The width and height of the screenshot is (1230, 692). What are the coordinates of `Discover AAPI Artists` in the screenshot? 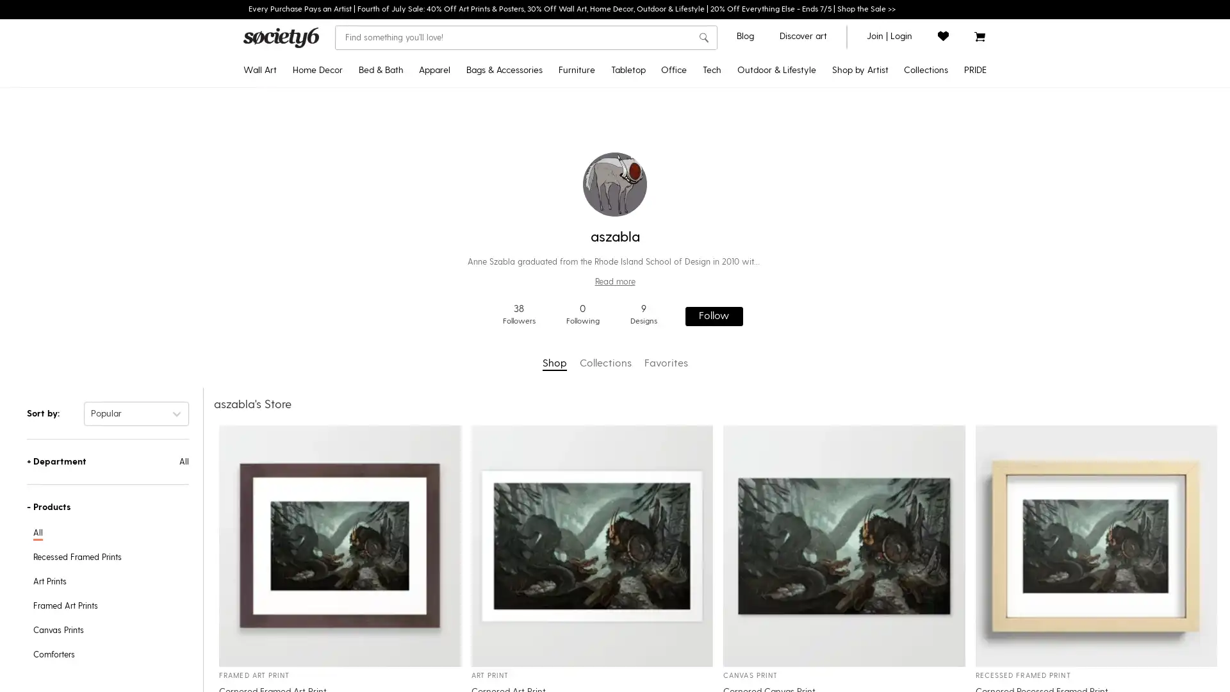 It's located at (825, 185).